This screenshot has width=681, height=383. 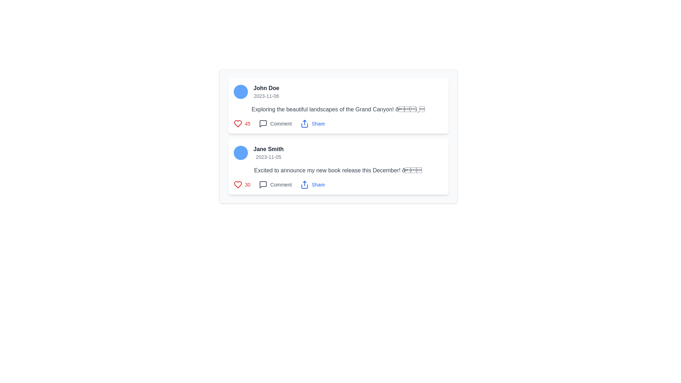 What do you see at coordinates (268, 152) in the screenshot?
I see `the text display element containing 'Jane Smith' and '2023-11-05'` at bounding box center [268, 152].